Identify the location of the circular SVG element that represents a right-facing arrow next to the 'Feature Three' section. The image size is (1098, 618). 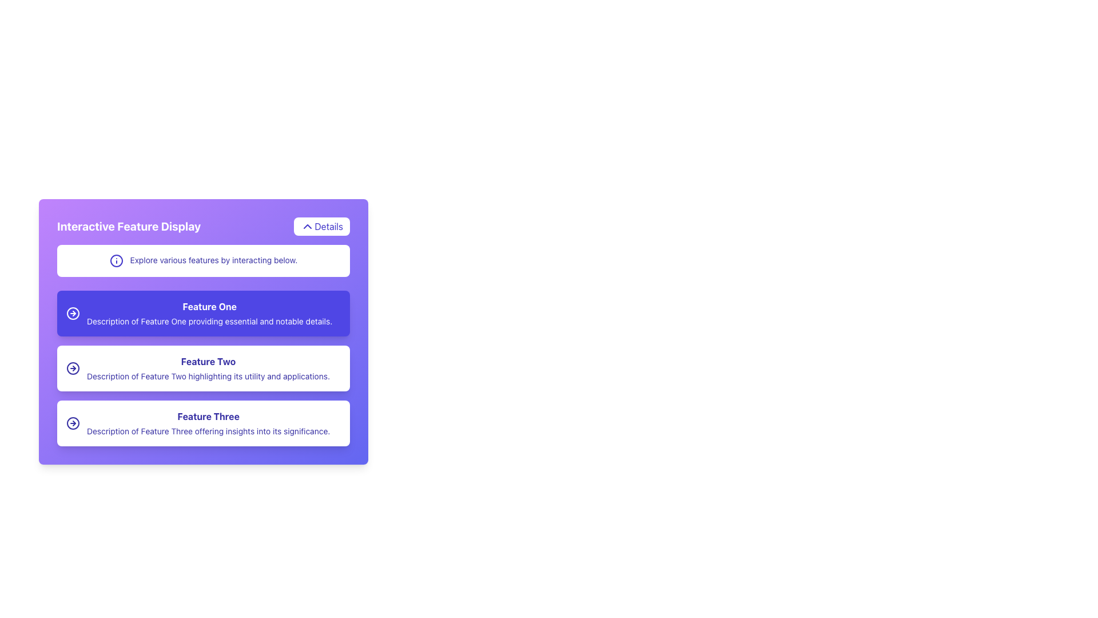
(73, 423).